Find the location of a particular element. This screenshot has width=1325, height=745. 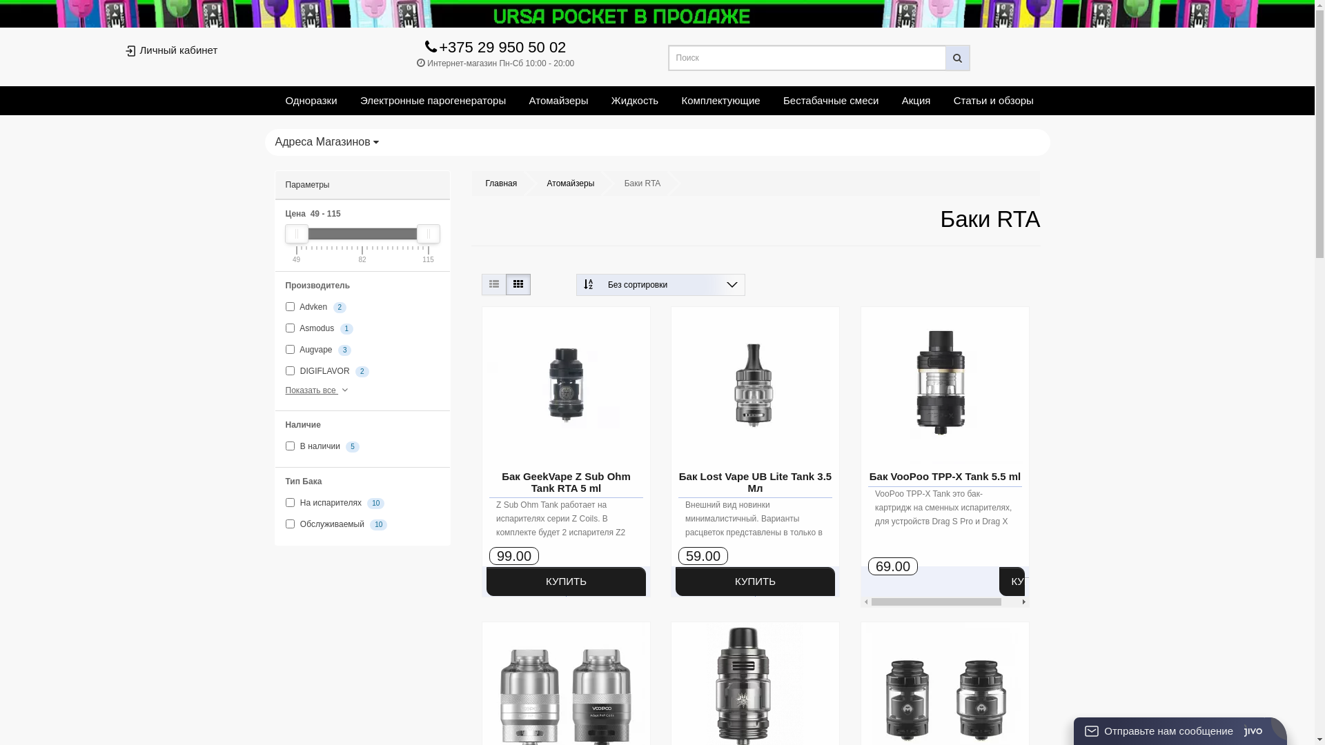

'+375 29 950 50 02' is located at coordinates (424, 49).